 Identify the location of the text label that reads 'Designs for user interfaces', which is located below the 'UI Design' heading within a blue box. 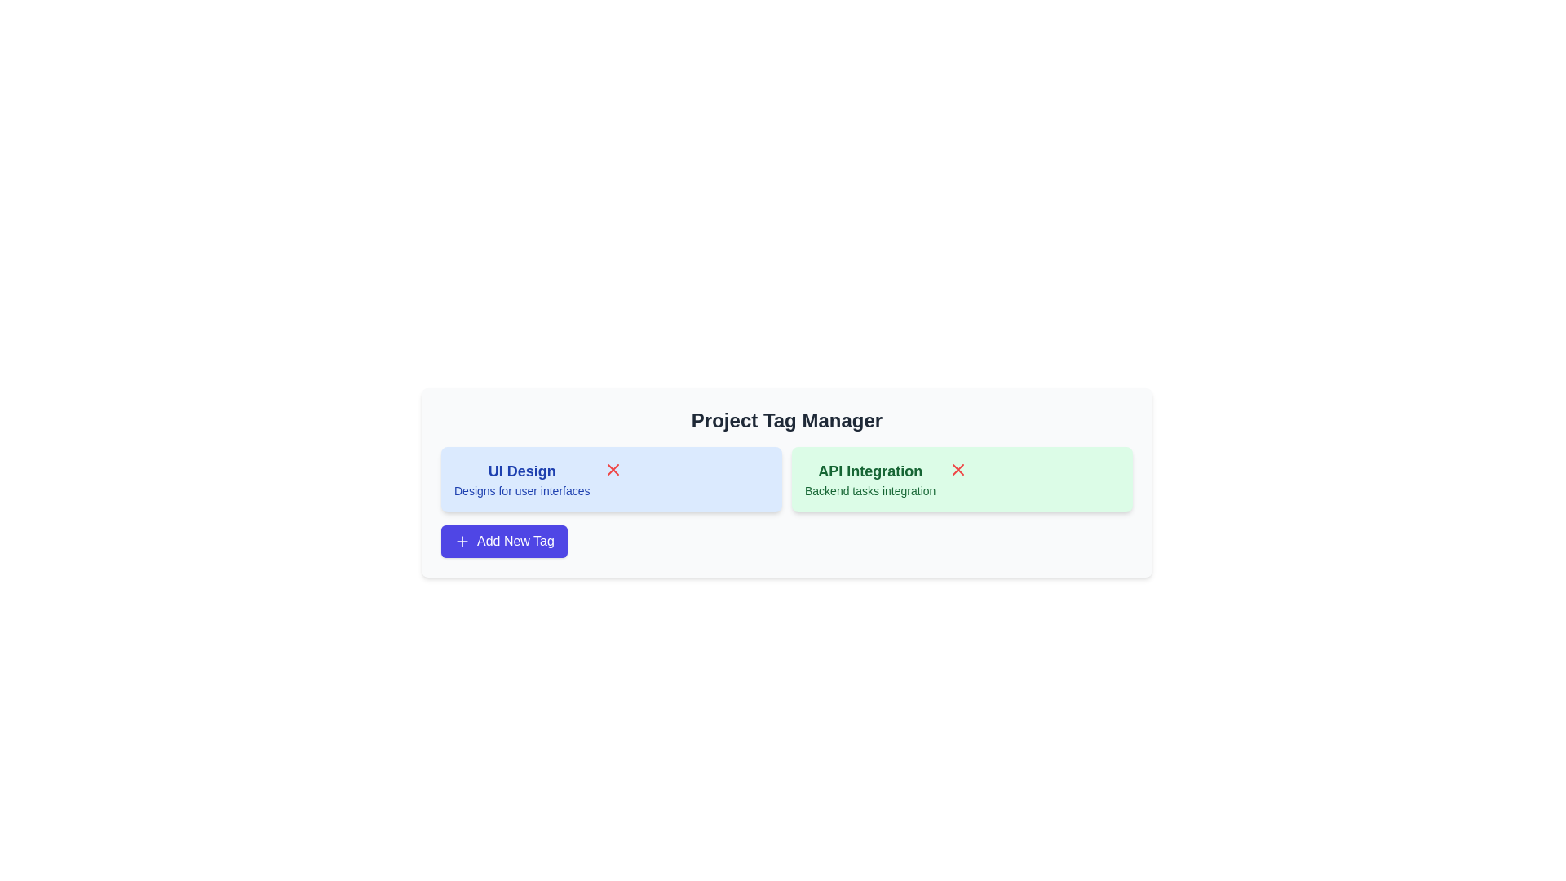
(522, 489).